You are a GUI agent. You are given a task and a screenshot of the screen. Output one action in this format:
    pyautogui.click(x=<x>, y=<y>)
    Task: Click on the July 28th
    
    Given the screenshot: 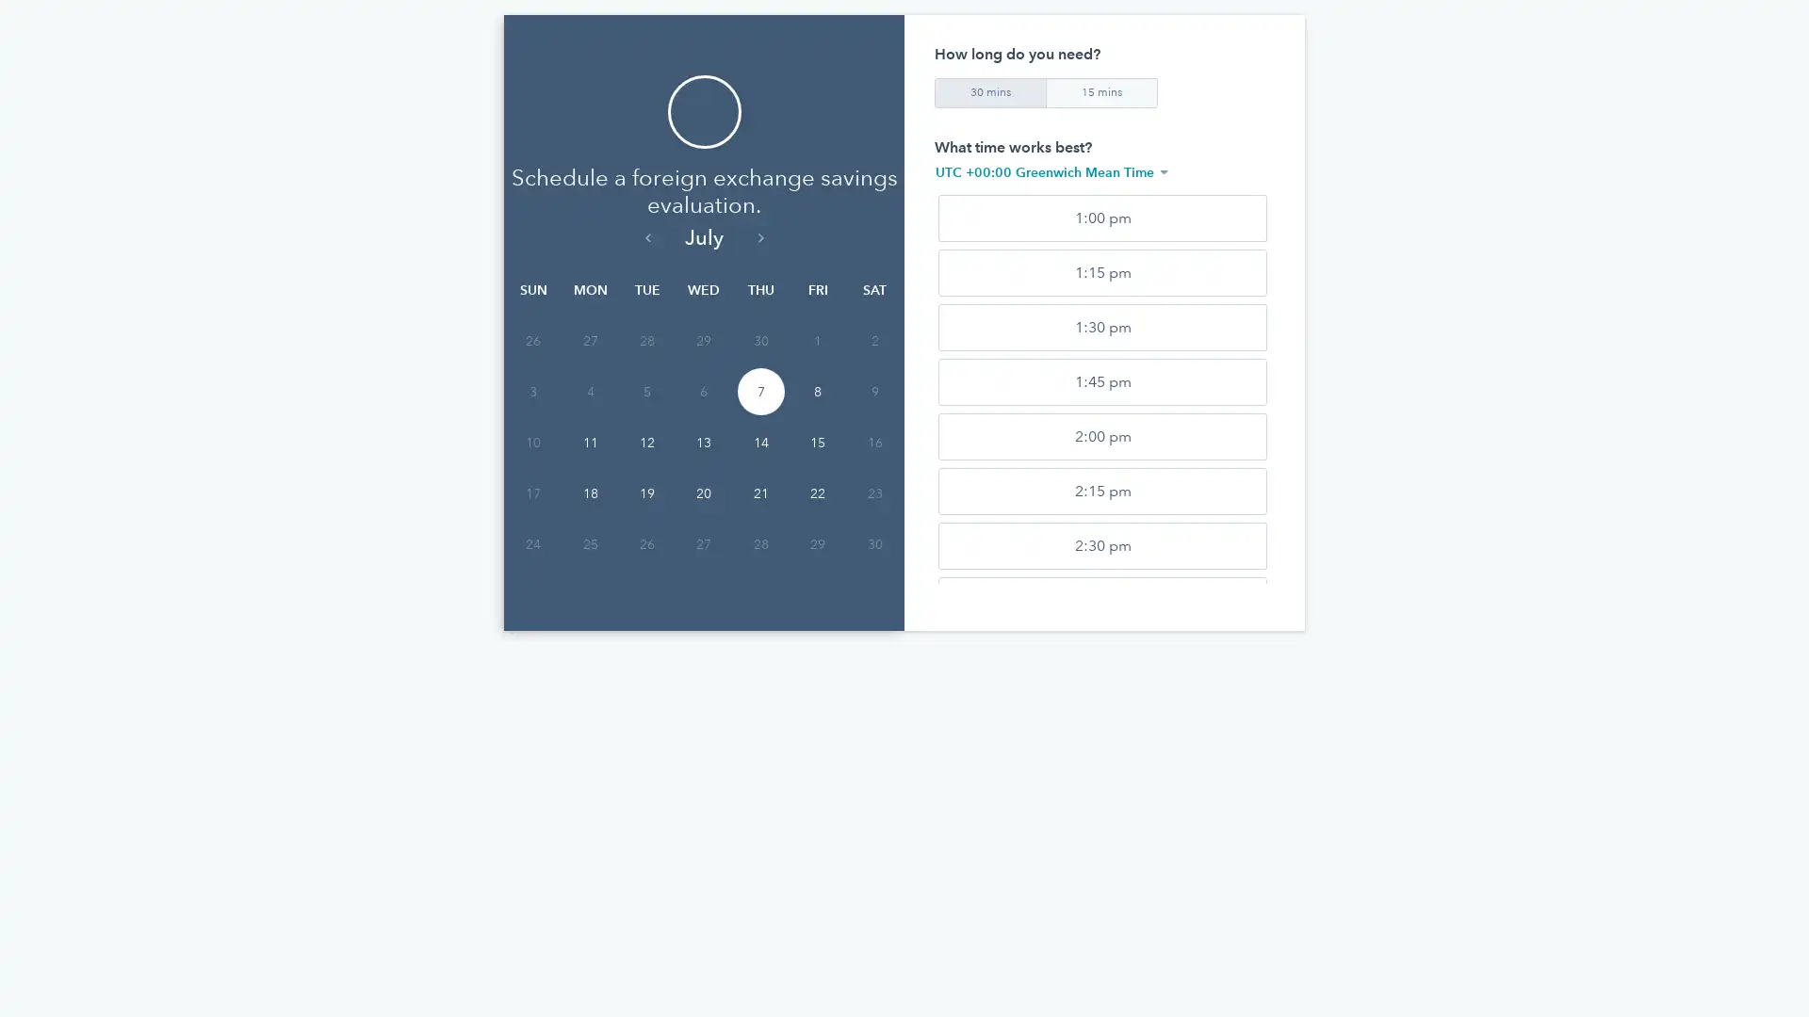 What is the action you would take?
    pyautogui.click(x=759, y=544)
    